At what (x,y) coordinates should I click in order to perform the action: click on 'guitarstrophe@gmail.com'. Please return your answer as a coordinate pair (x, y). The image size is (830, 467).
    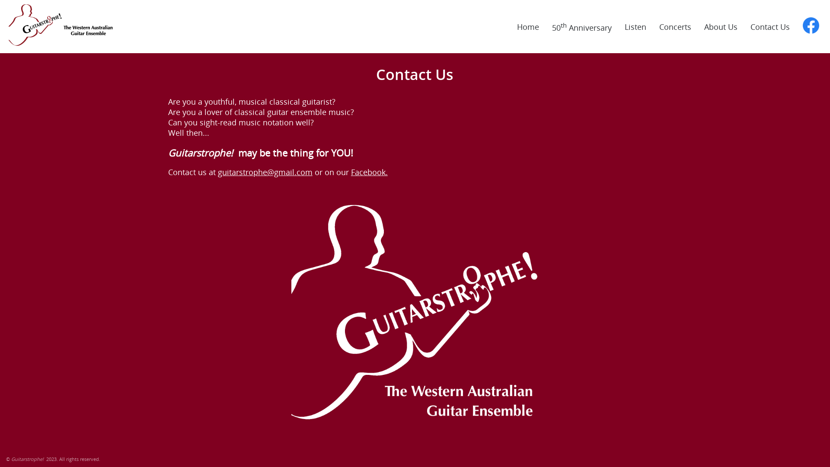
    Looking at the image, I should click on (265, 172).